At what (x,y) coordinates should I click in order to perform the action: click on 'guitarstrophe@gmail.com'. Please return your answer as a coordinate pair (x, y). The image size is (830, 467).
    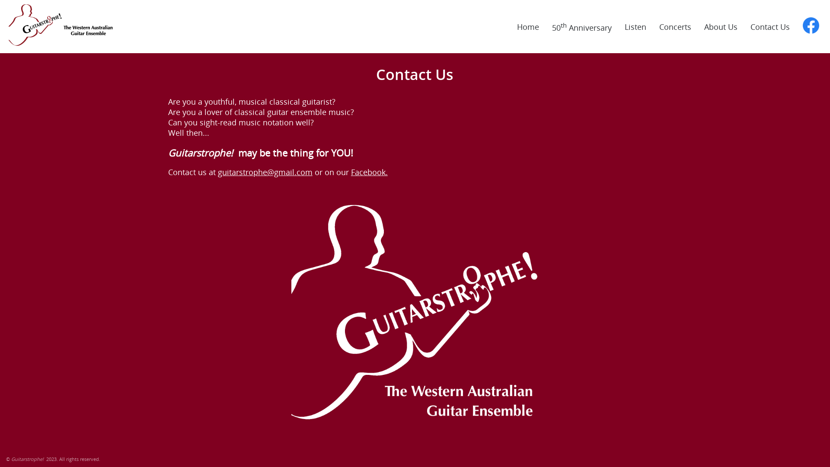
    Looking at the image, I should click on (265, 172).